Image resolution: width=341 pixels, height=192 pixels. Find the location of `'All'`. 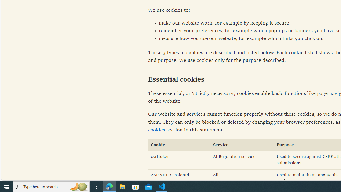

'All' is located at coordinates (242, 178).